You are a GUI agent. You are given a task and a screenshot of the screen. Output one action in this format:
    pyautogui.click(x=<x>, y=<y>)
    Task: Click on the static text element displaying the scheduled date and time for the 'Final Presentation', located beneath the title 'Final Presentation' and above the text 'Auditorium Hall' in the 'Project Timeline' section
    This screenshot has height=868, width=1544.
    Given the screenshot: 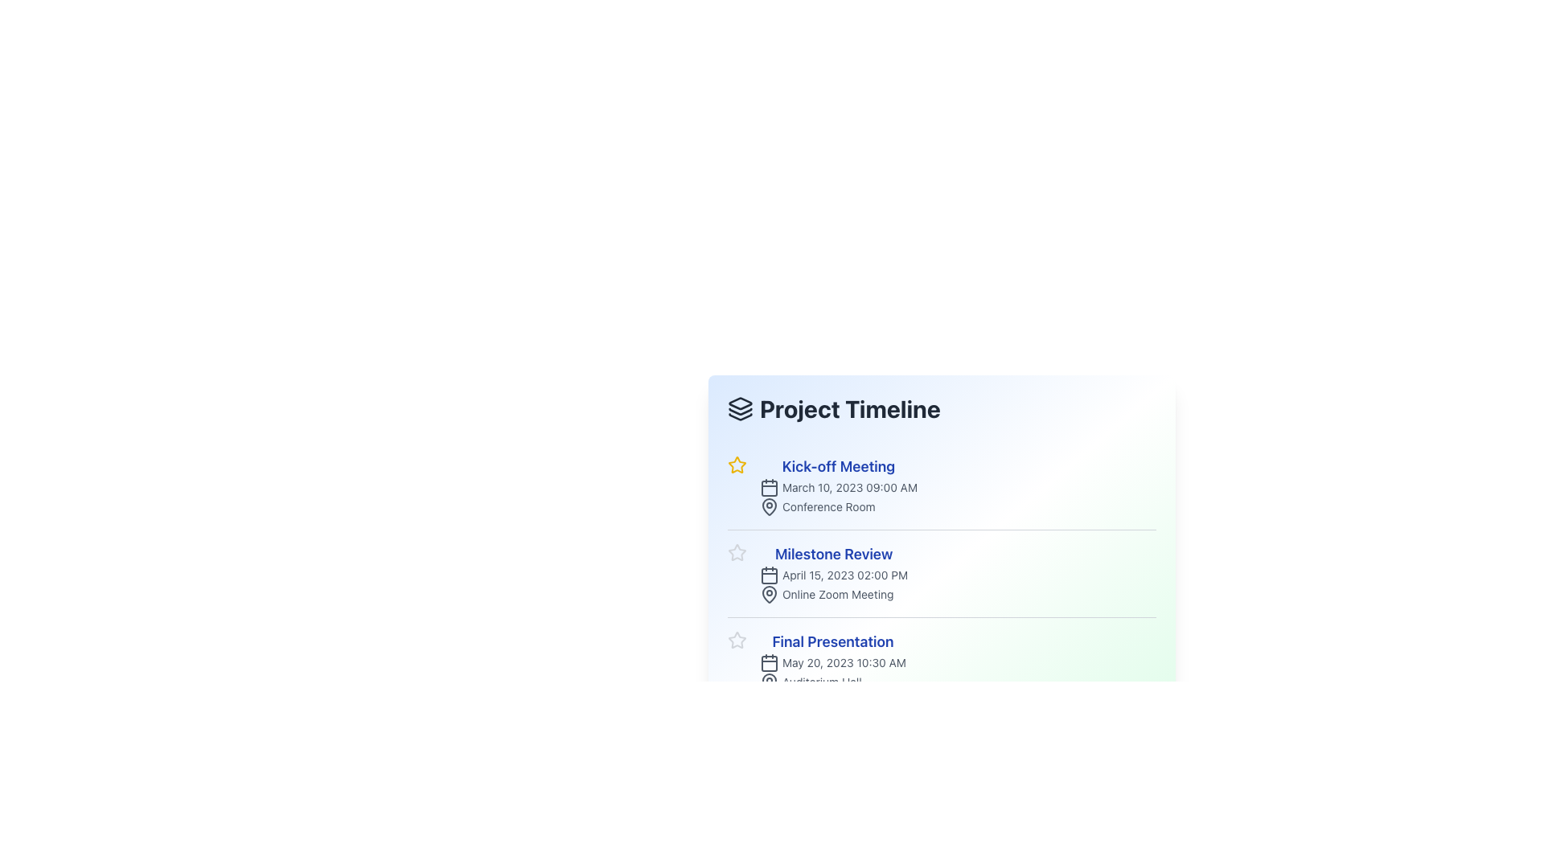 What is the action you would take?
    pyautogui.click(x=833, y=663)
    